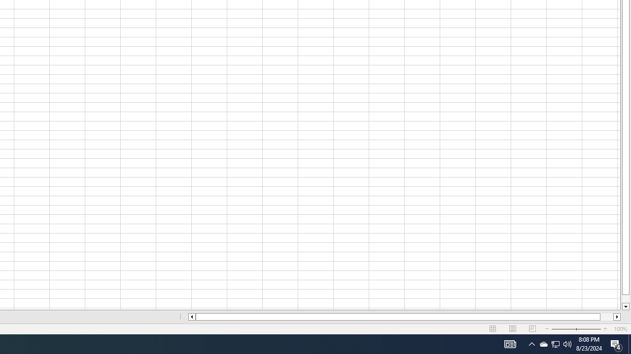 This screenshot has height=354, width=631. Describe the element at coordinates (625, 298) in the screenshot. I see `'Page down'` at that location.